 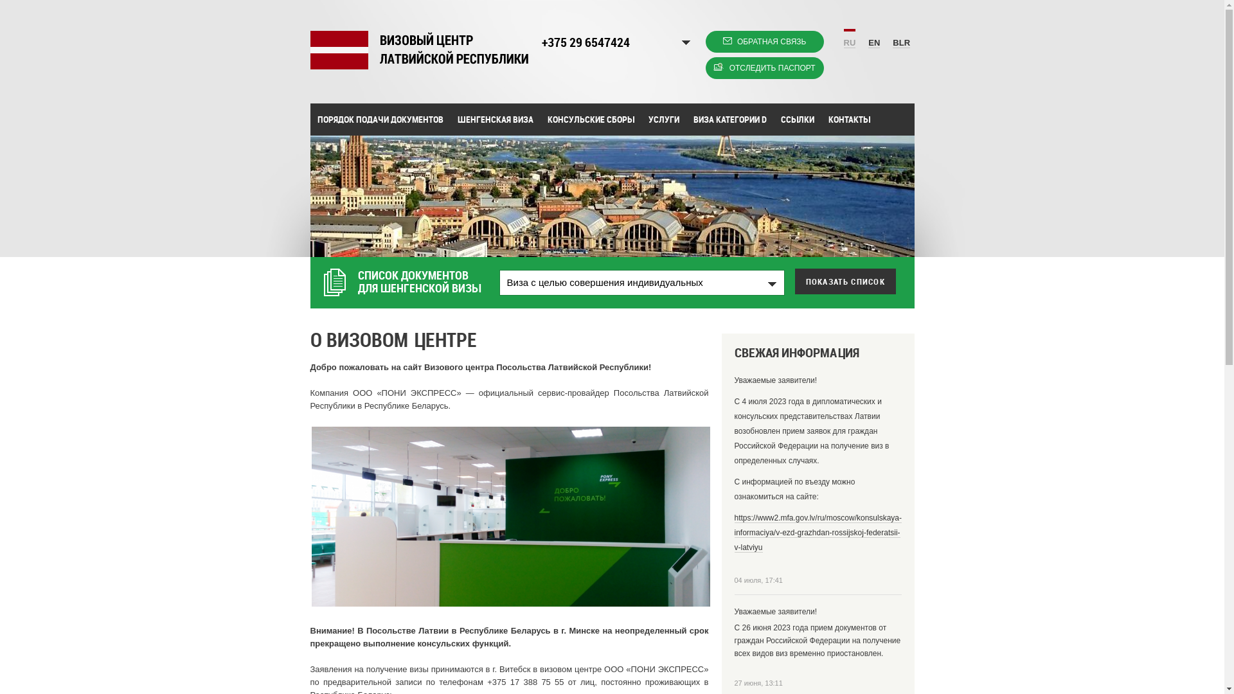 I want to click on 'RU', so click(x=843, y=38).